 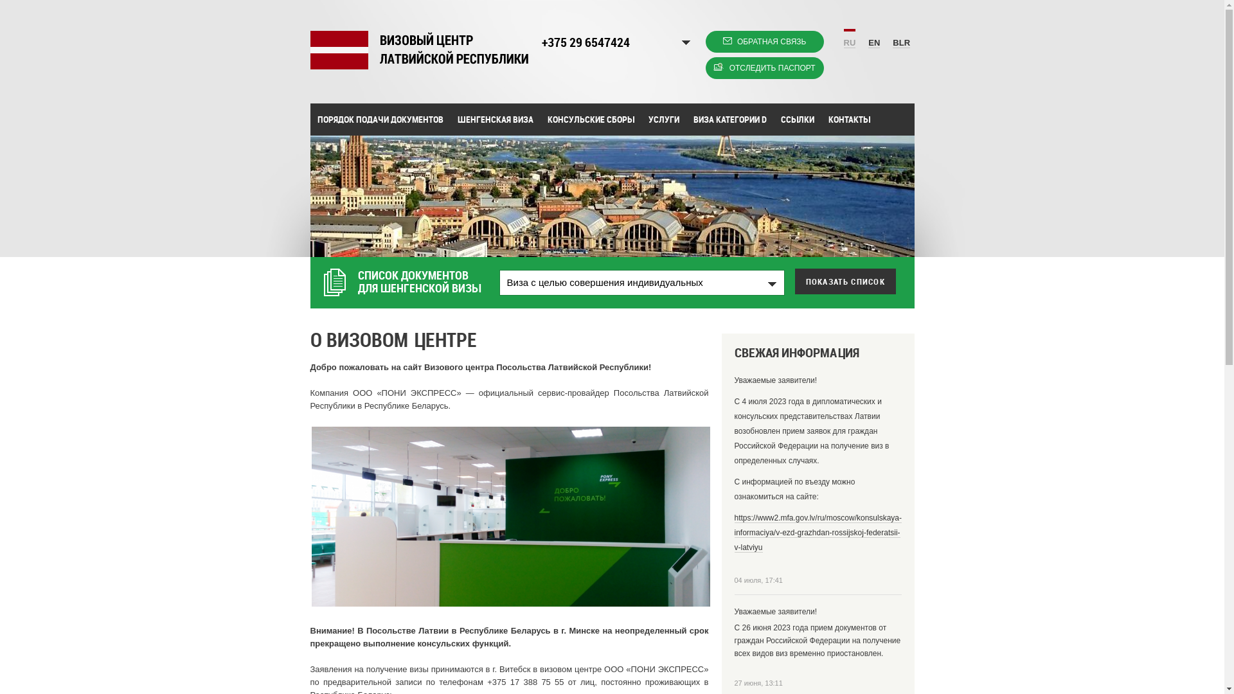 I want to click on 'RU', so click(x=843, y=38).